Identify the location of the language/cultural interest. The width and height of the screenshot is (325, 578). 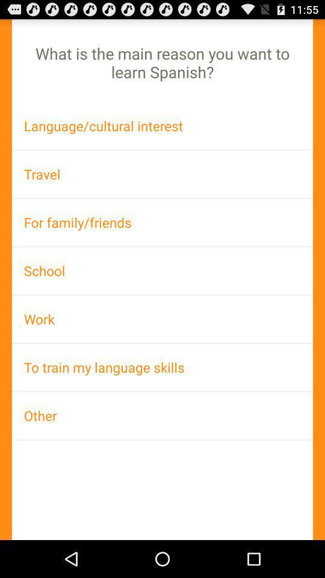
(162, 125).